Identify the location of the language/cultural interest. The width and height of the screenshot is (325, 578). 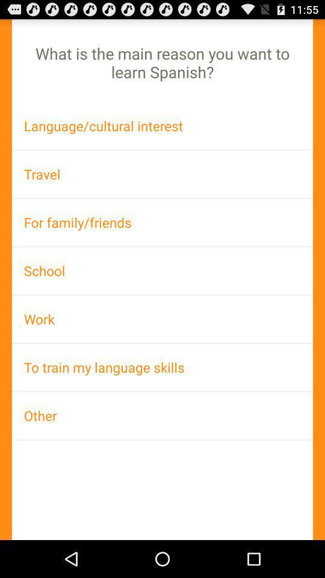
(162, 125).